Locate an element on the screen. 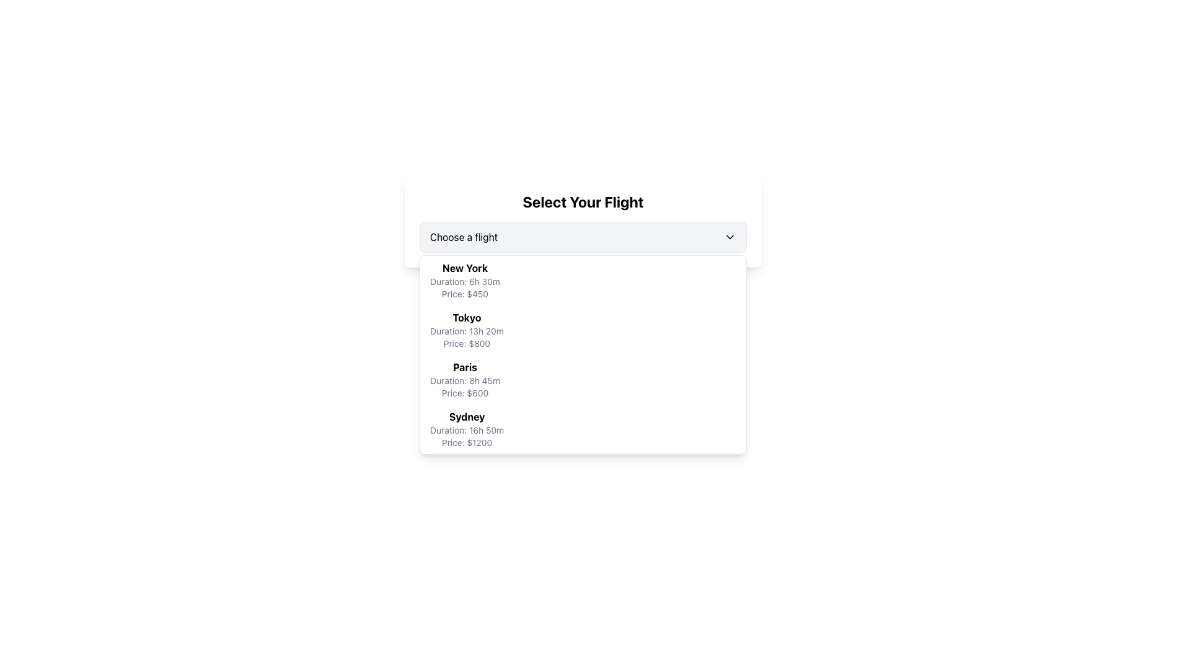 This screenshot has width=1190, height=669. the first list item displaying the trip option for 'New York' in the dropdown menu is located at coordinates (464, 280).